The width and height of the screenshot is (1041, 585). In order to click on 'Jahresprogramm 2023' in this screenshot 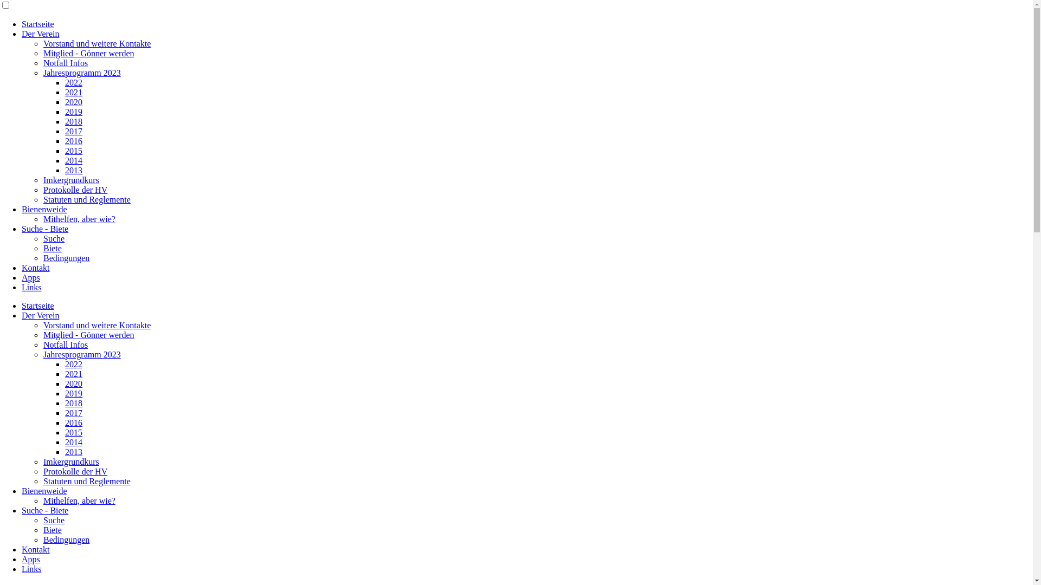, I will do `click(81, 354)`.